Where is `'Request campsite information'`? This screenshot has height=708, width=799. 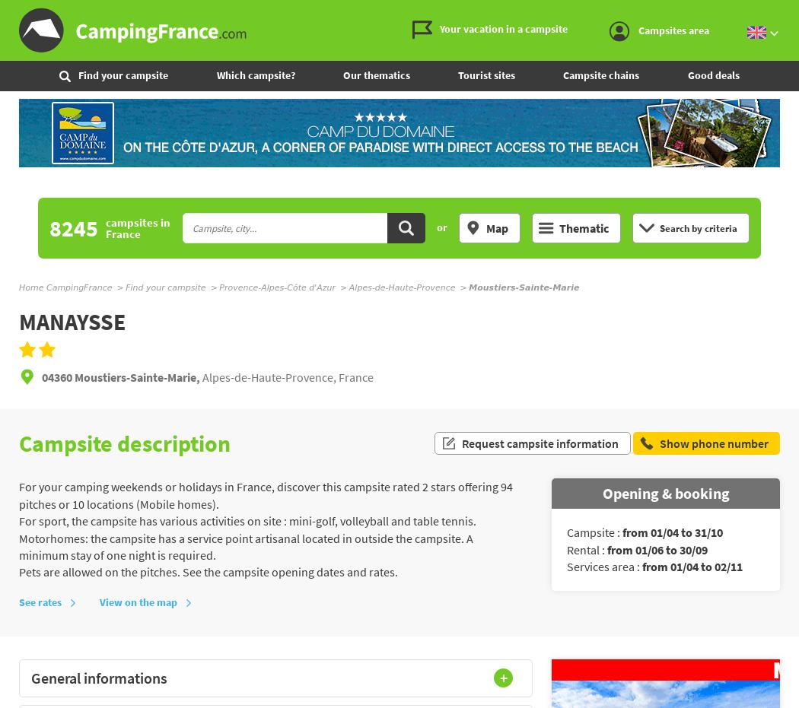 'Request campsite information' is located at coordinates (462, 442).